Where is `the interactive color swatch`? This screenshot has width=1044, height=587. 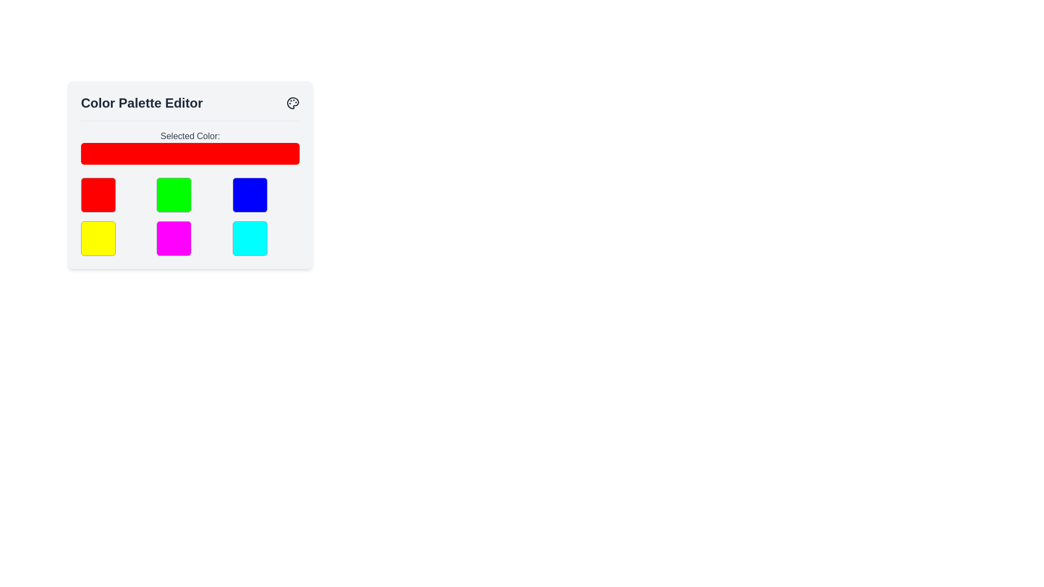
the interactive color swatch is located at coordinates (174, 238).